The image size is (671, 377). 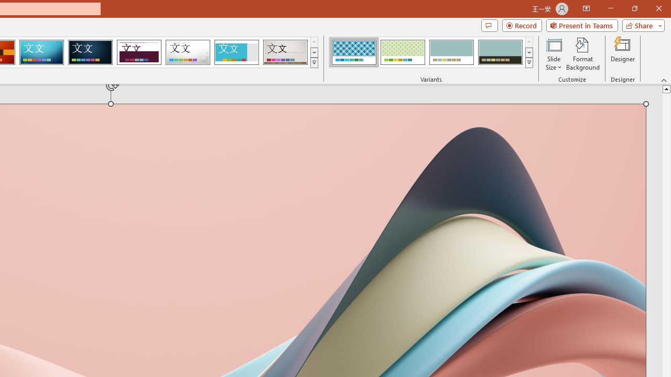 I want to click on 'Integral Variant 1', so click(x=354, y=52).